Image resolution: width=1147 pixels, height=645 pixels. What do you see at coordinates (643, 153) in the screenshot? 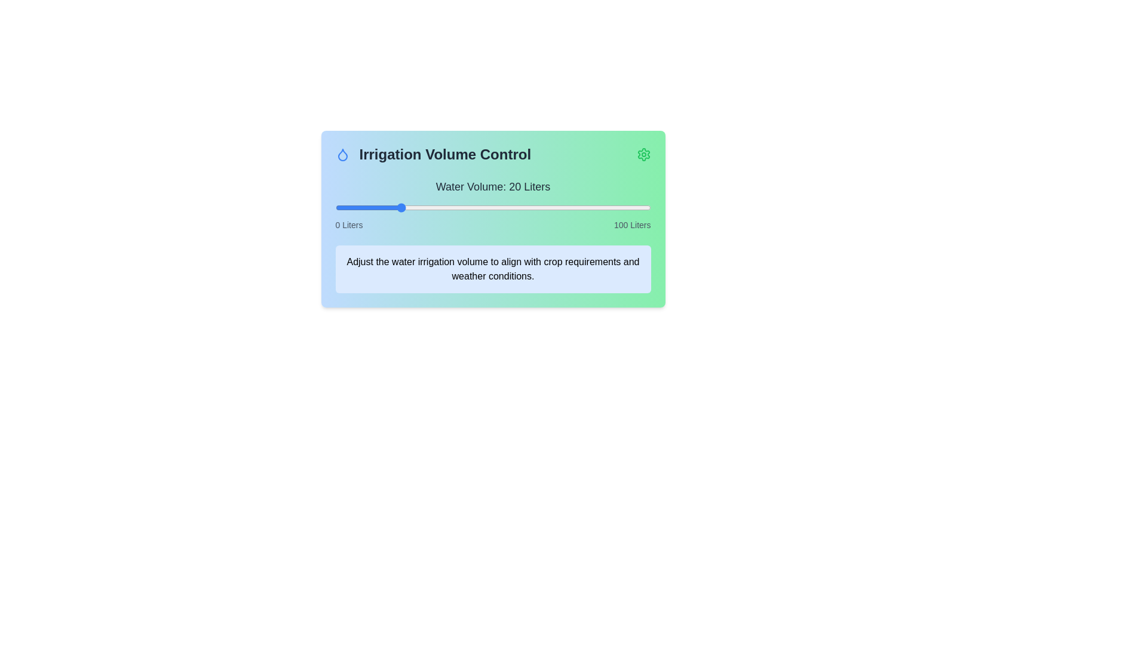
I see `the settings icon` at bounding box center [643, 153].